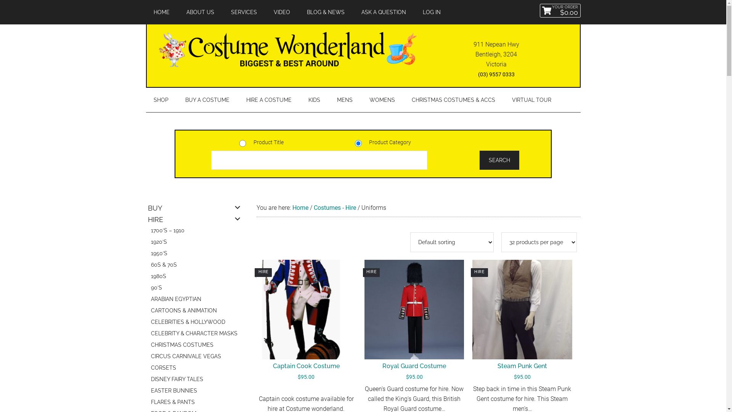 The width and height of the screenshot is (732, 412). What do you see at coordinates (148, 277) in the screenshot?
I see `'1980S'` at bounding box center [148, 277].